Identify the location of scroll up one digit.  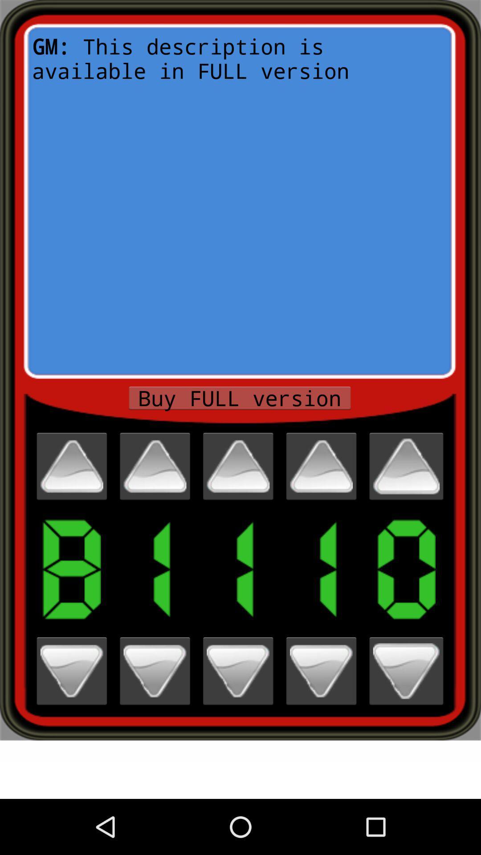
(321, 466).